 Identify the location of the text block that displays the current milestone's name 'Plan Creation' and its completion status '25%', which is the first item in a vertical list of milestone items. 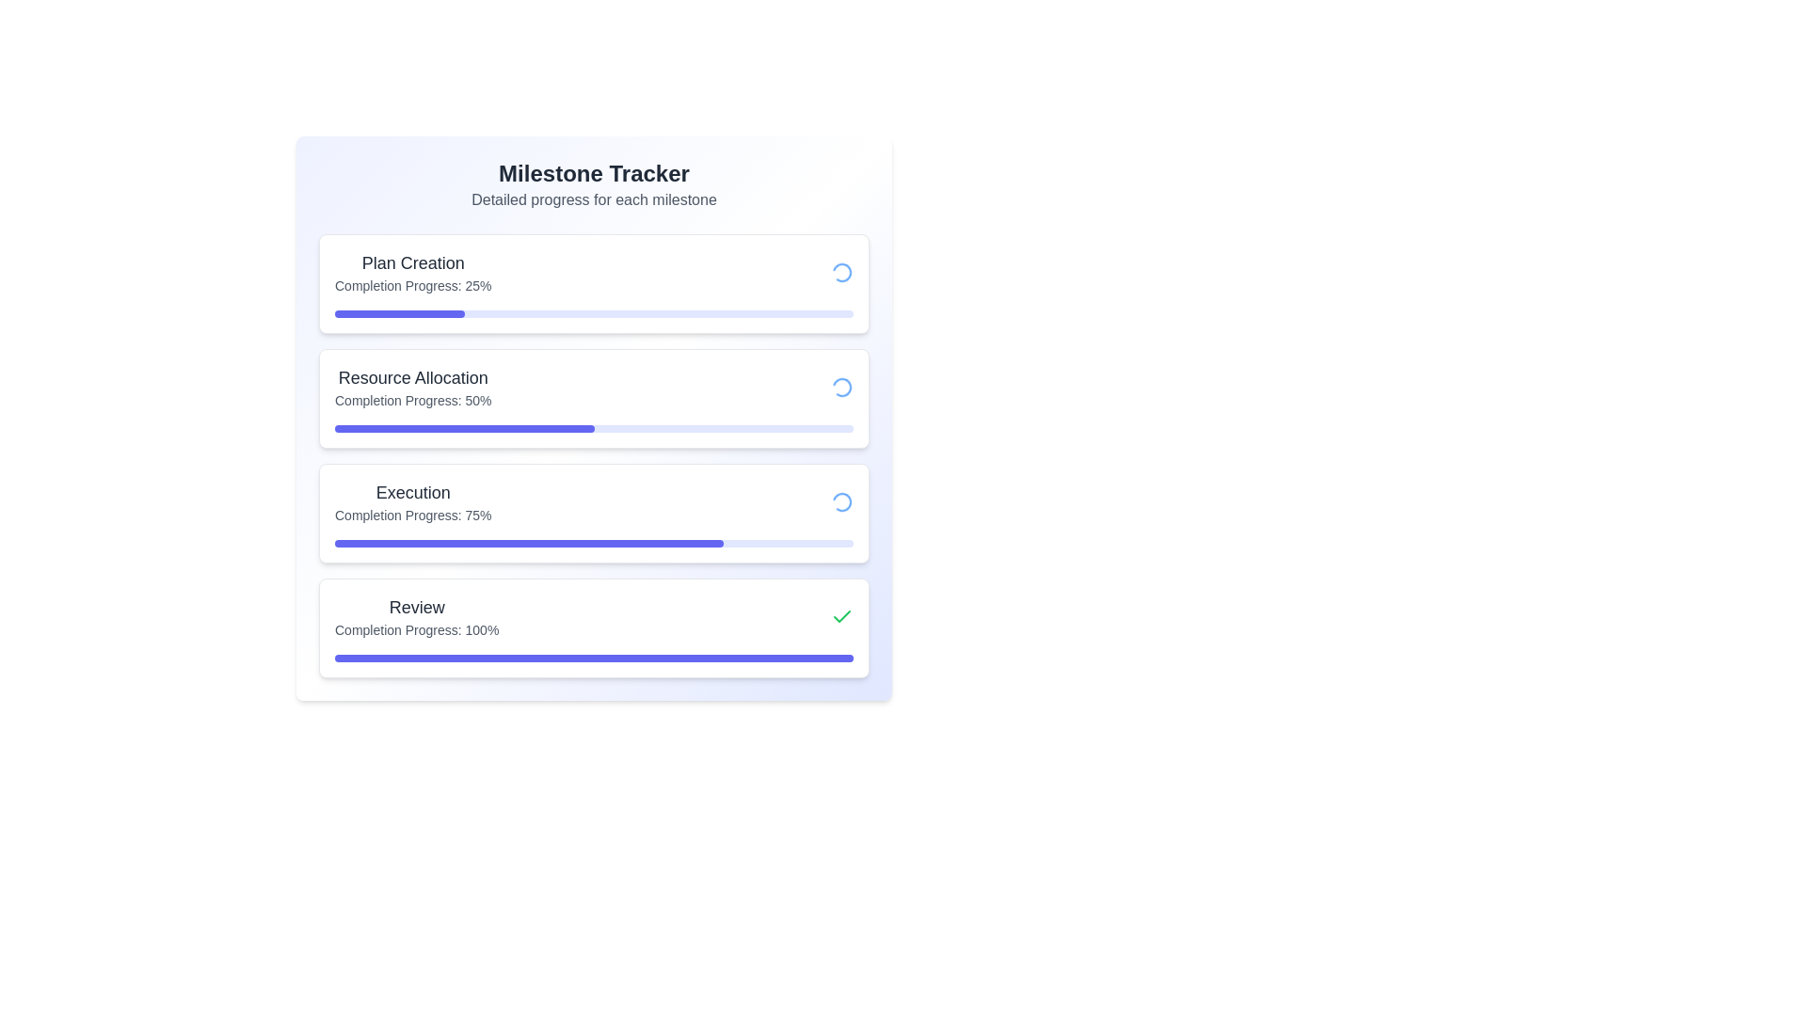
(412, 272).